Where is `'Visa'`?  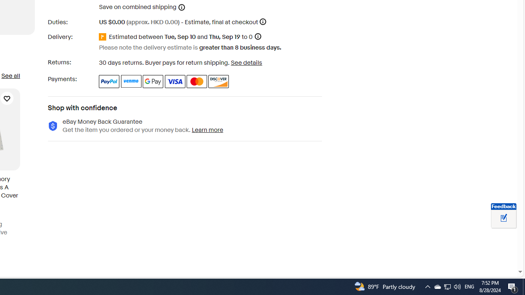 'Visa' is located at coordinates (174, 81).